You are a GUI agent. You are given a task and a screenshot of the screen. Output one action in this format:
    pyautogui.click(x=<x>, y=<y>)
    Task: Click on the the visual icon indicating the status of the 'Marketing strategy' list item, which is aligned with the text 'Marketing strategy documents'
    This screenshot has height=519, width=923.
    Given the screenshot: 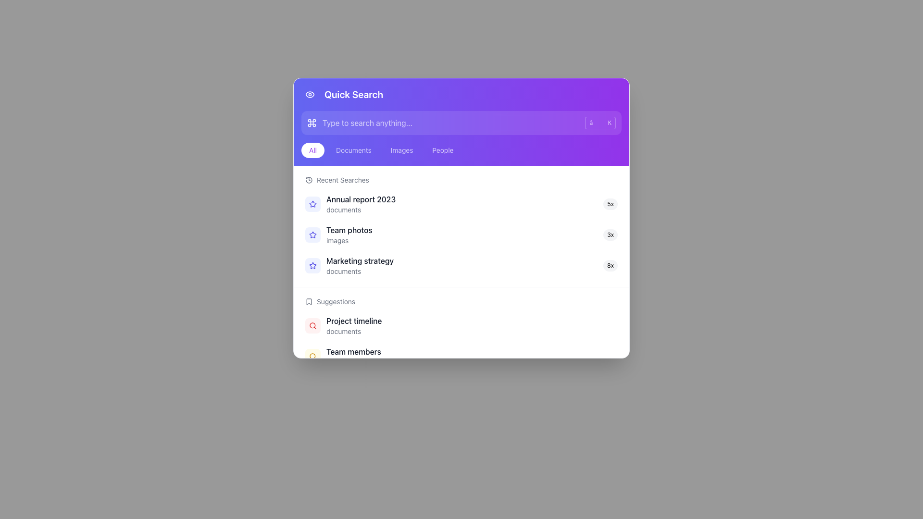 What is the action you would take?
    pyautogui.click(x=313, y=265)
    